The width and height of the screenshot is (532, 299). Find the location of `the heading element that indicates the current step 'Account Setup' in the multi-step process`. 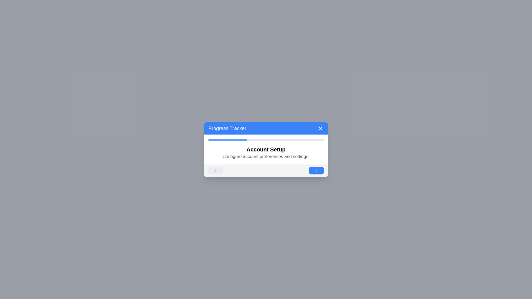

the heading element that indicates the current step 'Account Setup' in the multi-step process is located at coordinates (266, 149).